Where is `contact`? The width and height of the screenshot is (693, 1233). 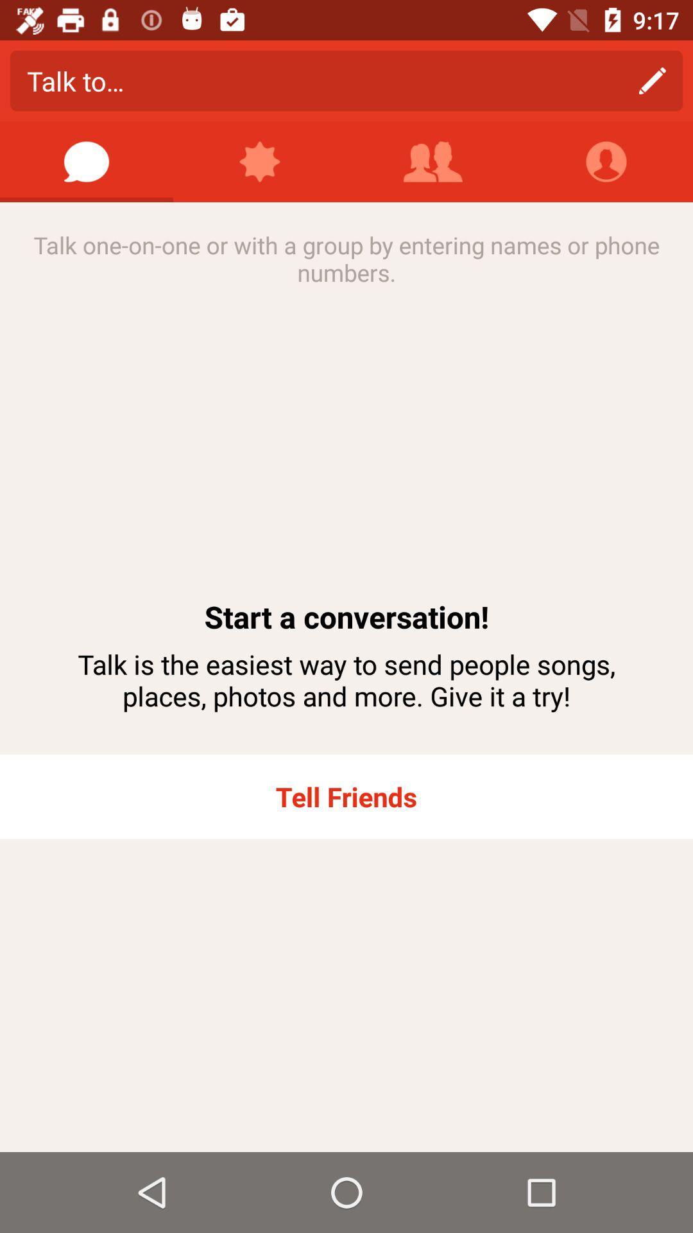 contact is located at coordinates (433, 161).